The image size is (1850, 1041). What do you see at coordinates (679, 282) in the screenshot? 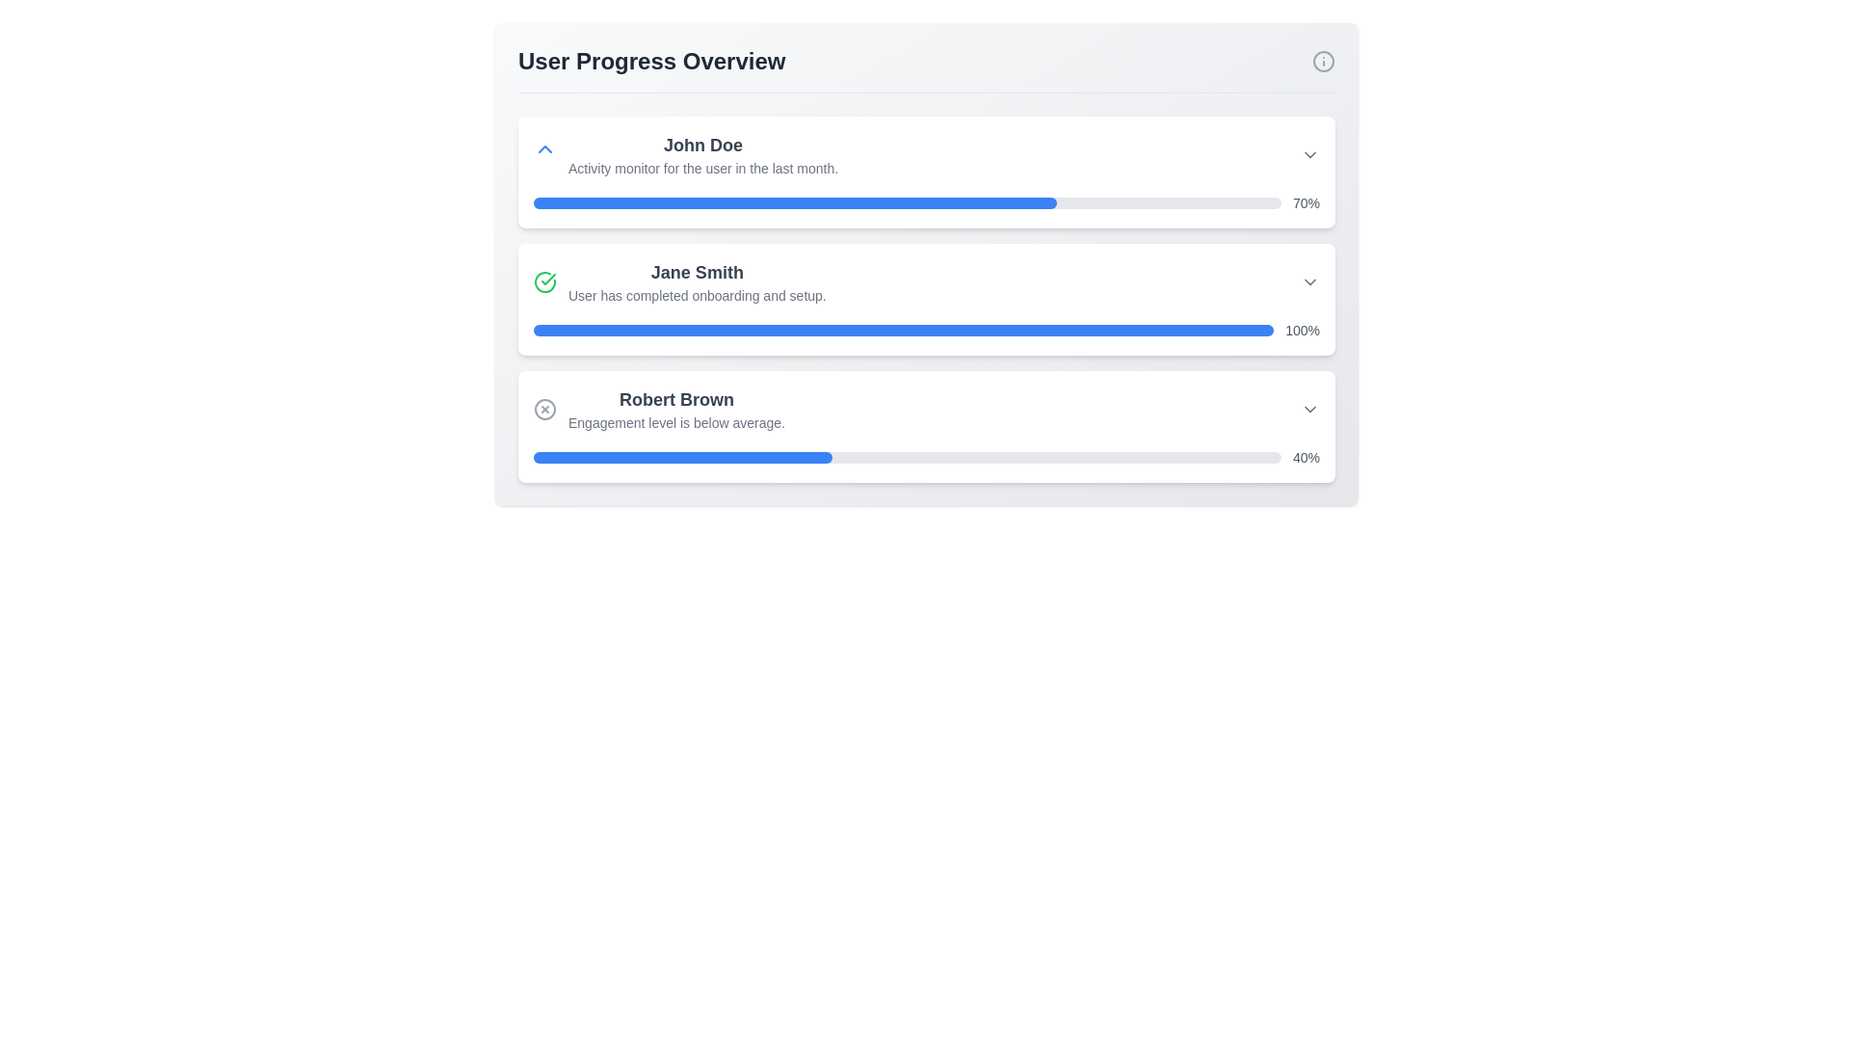
I see `information displayed in the Summary item featuring 'Jane Smith' with a green checkmark icon, indicating completion of onboarding and setup` at bounding box center [679, 282].